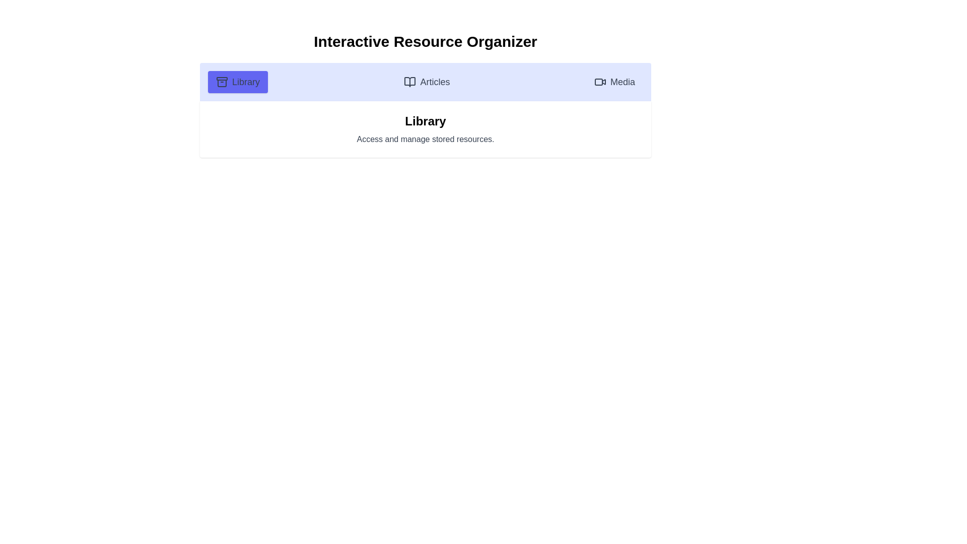 This screenshot has width=967, height=544. I want to click on the active tab, which is the 'Library' tab, so click(237, 81).